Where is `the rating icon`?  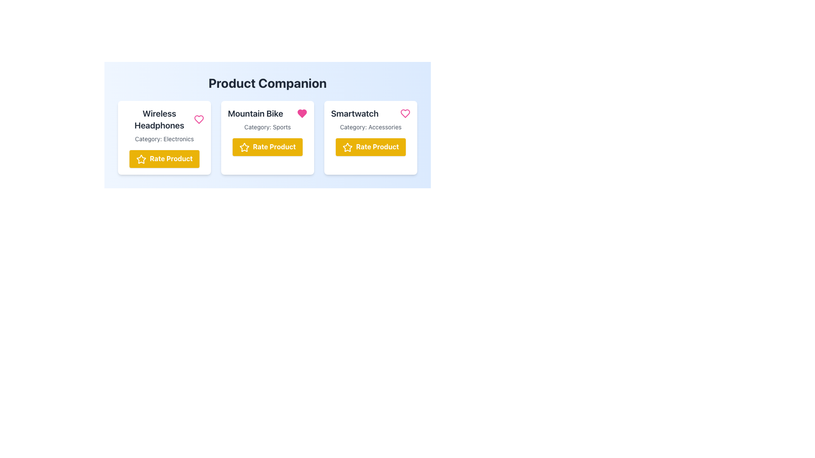 the rating icon is located at coordinates (244, 147).